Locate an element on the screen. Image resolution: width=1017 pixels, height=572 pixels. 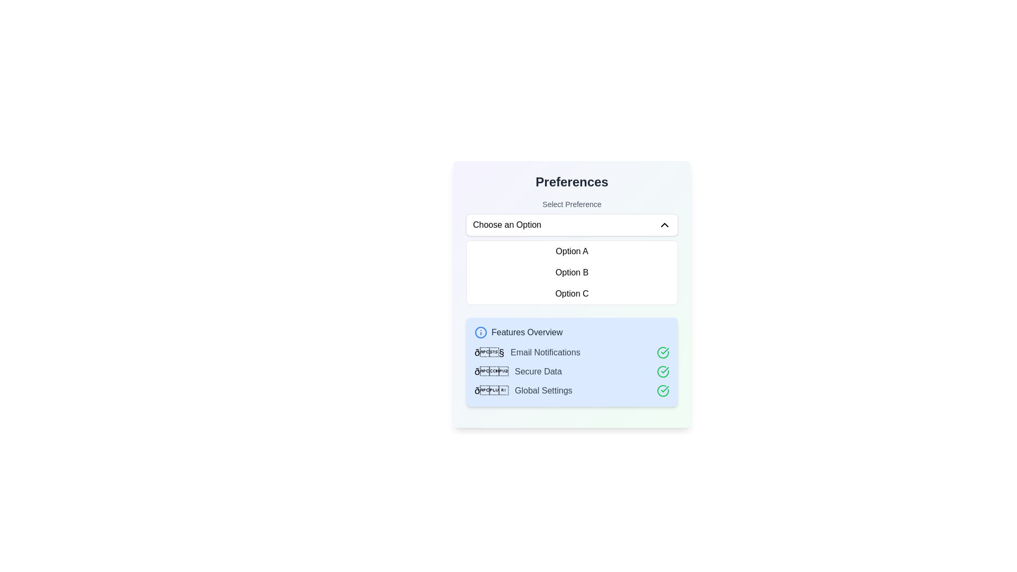
the green circular checkmark icon located to the right of the 'Email Notifications' text in the 'Features Overview' section is located at coordinates (663, 353).